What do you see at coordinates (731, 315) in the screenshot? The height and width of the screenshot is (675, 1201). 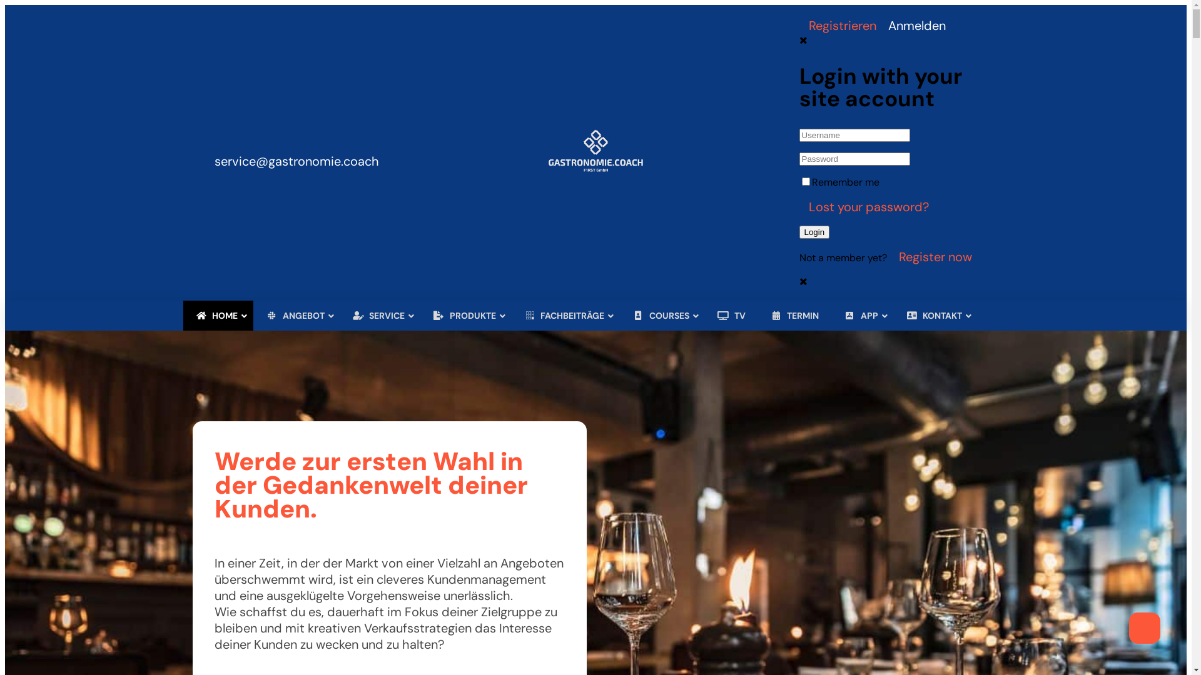 I see `'TV'` at bounding box center [731, 315].